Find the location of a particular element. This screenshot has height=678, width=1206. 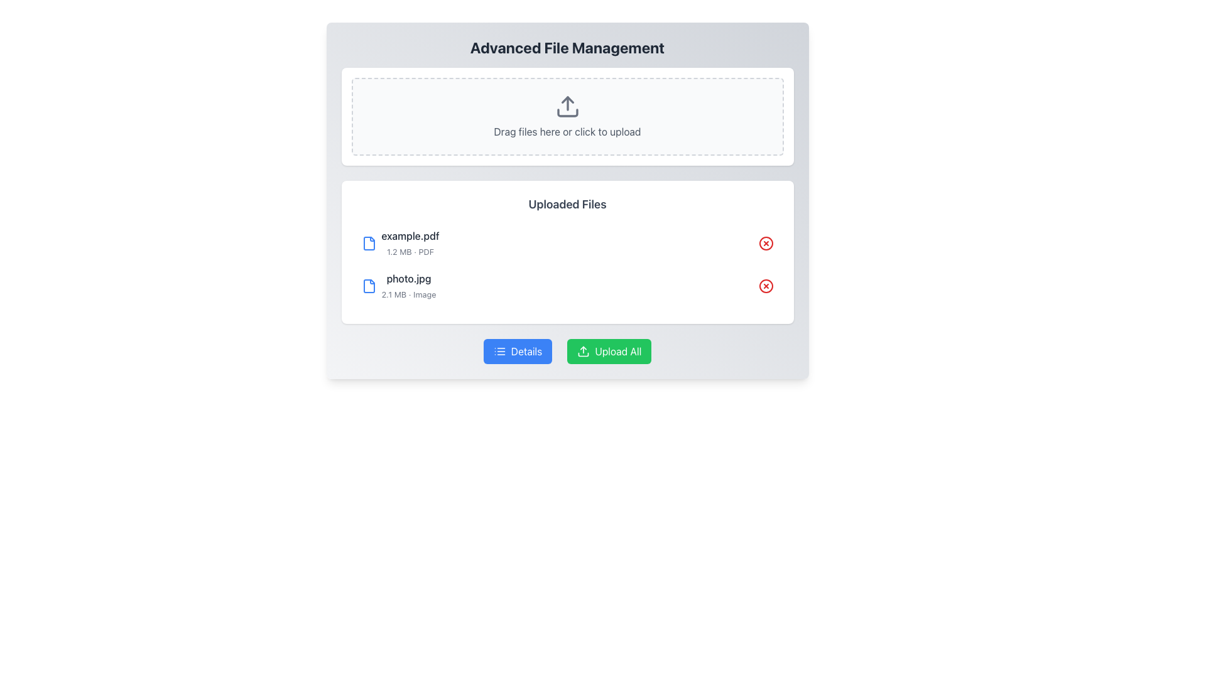

the first file display item is located at coordinates (399, 244).